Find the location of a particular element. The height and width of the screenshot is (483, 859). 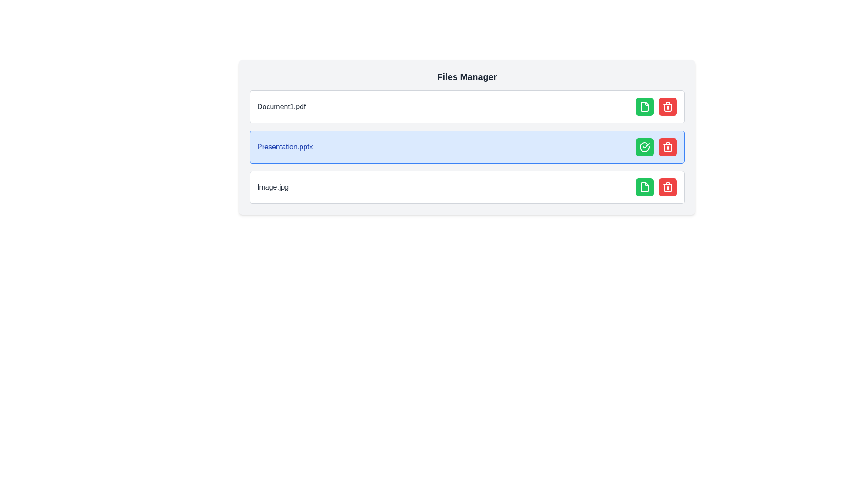

the red square-shaped button with a trash can icon, which is the second button in a horizontal button group is located at coordinates (668, 187).